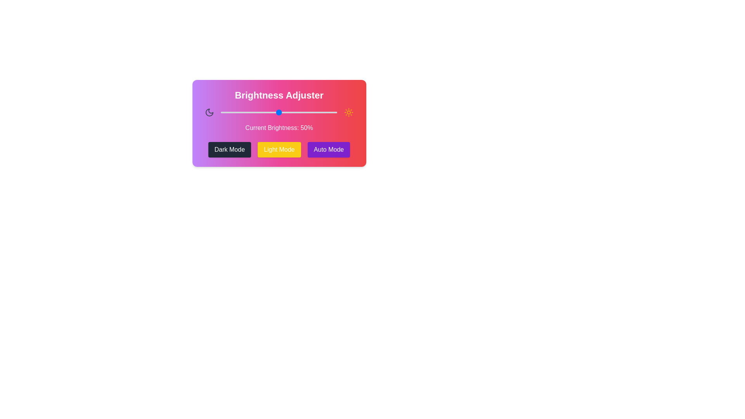 The width and height of the screenshot is (745, 419). What do you see at coordinates (265, 112) in the screenshot?
I see `the brightness to 38% by dragging the slider handle` at bounding box center [265, 112].